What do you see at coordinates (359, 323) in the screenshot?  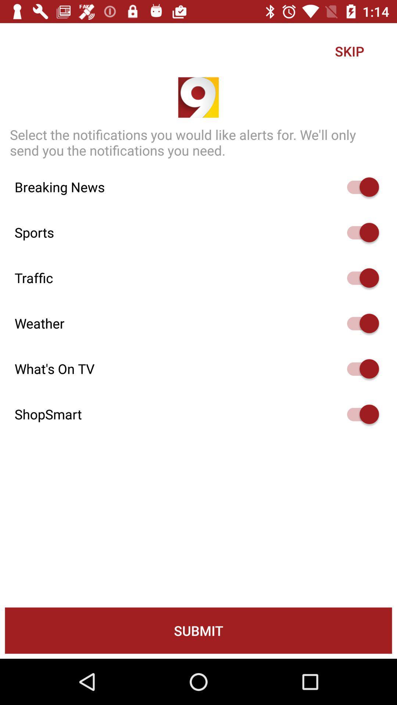 I see `unselect weather` at bounding box center [359, 323].